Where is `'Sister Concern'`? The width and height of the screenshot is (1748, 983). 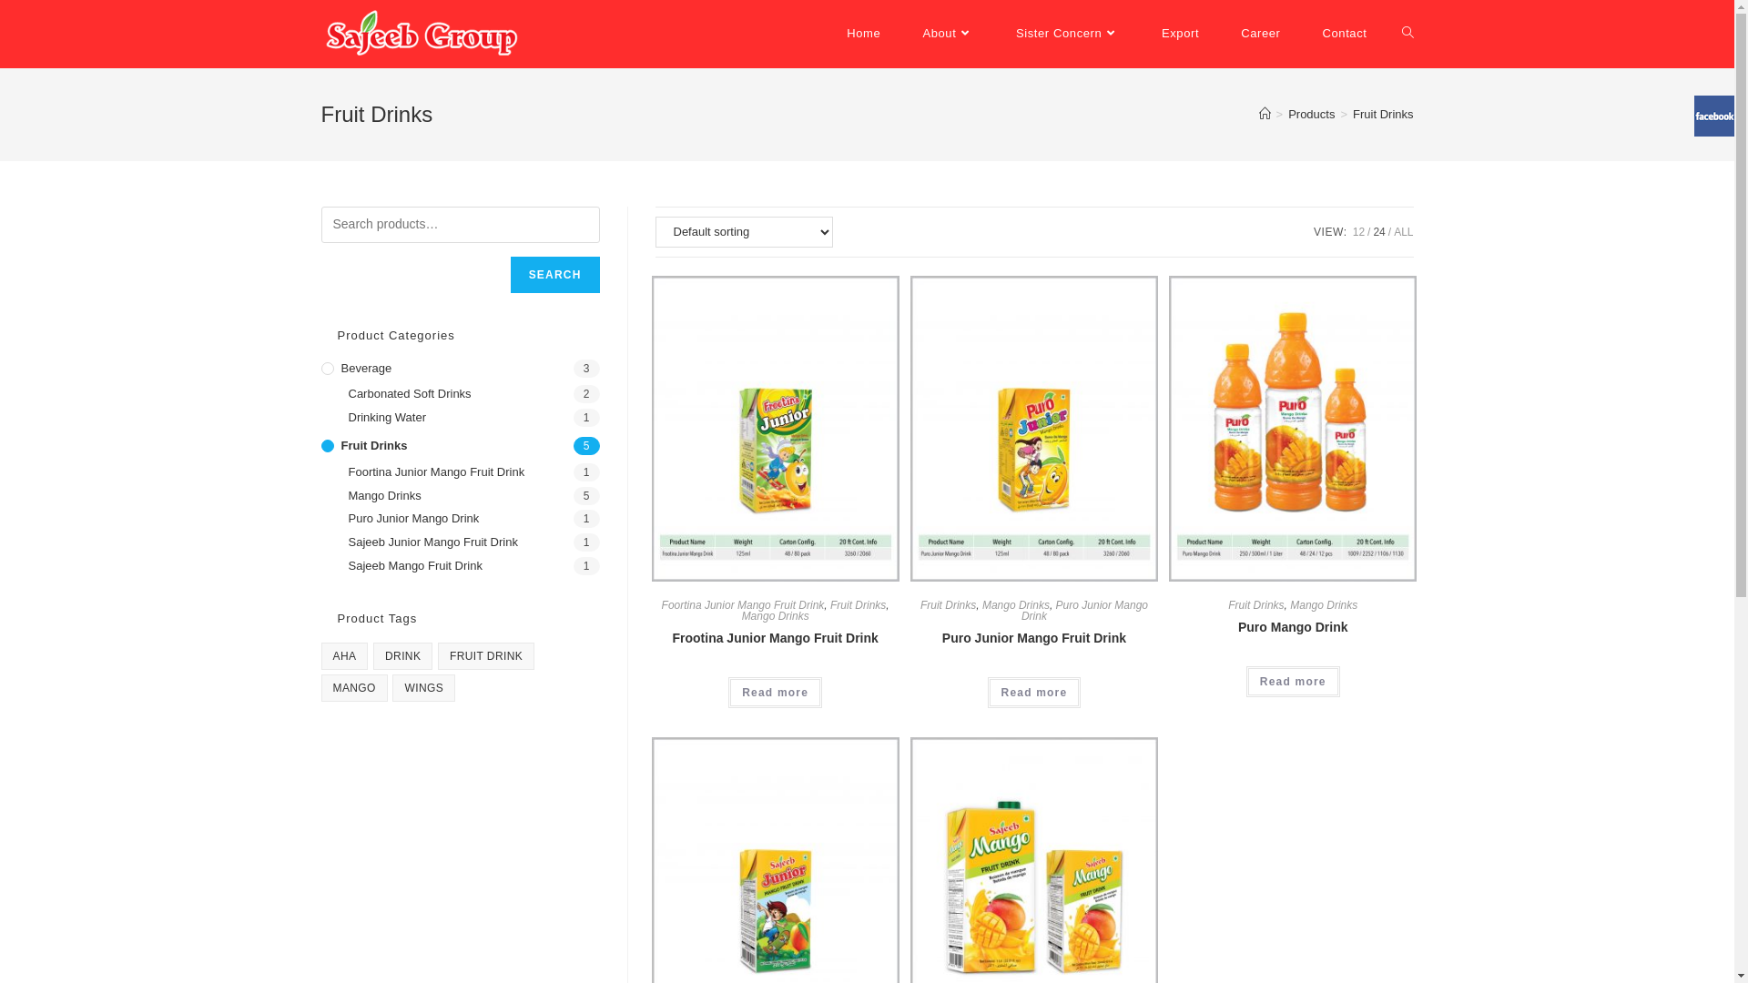 'Sister Concern' is located at coordinates (1067, 34).